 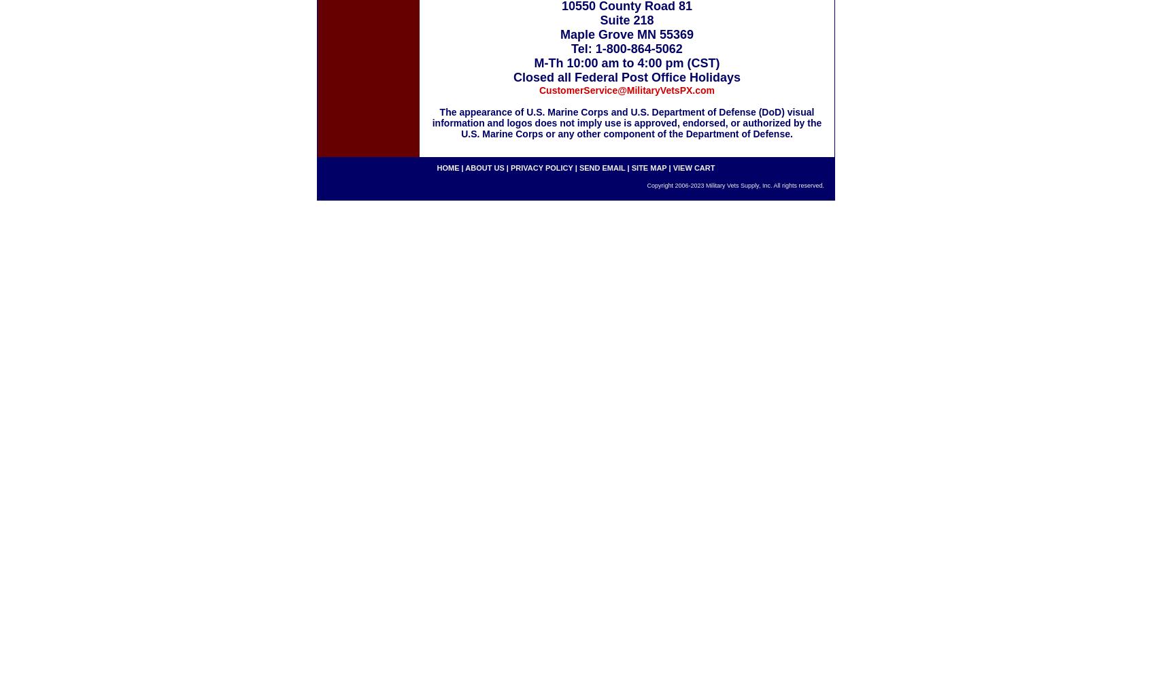 I want to click on 'CustomerService@MilitaryVetsPX.com', so click(x=539, y=90).